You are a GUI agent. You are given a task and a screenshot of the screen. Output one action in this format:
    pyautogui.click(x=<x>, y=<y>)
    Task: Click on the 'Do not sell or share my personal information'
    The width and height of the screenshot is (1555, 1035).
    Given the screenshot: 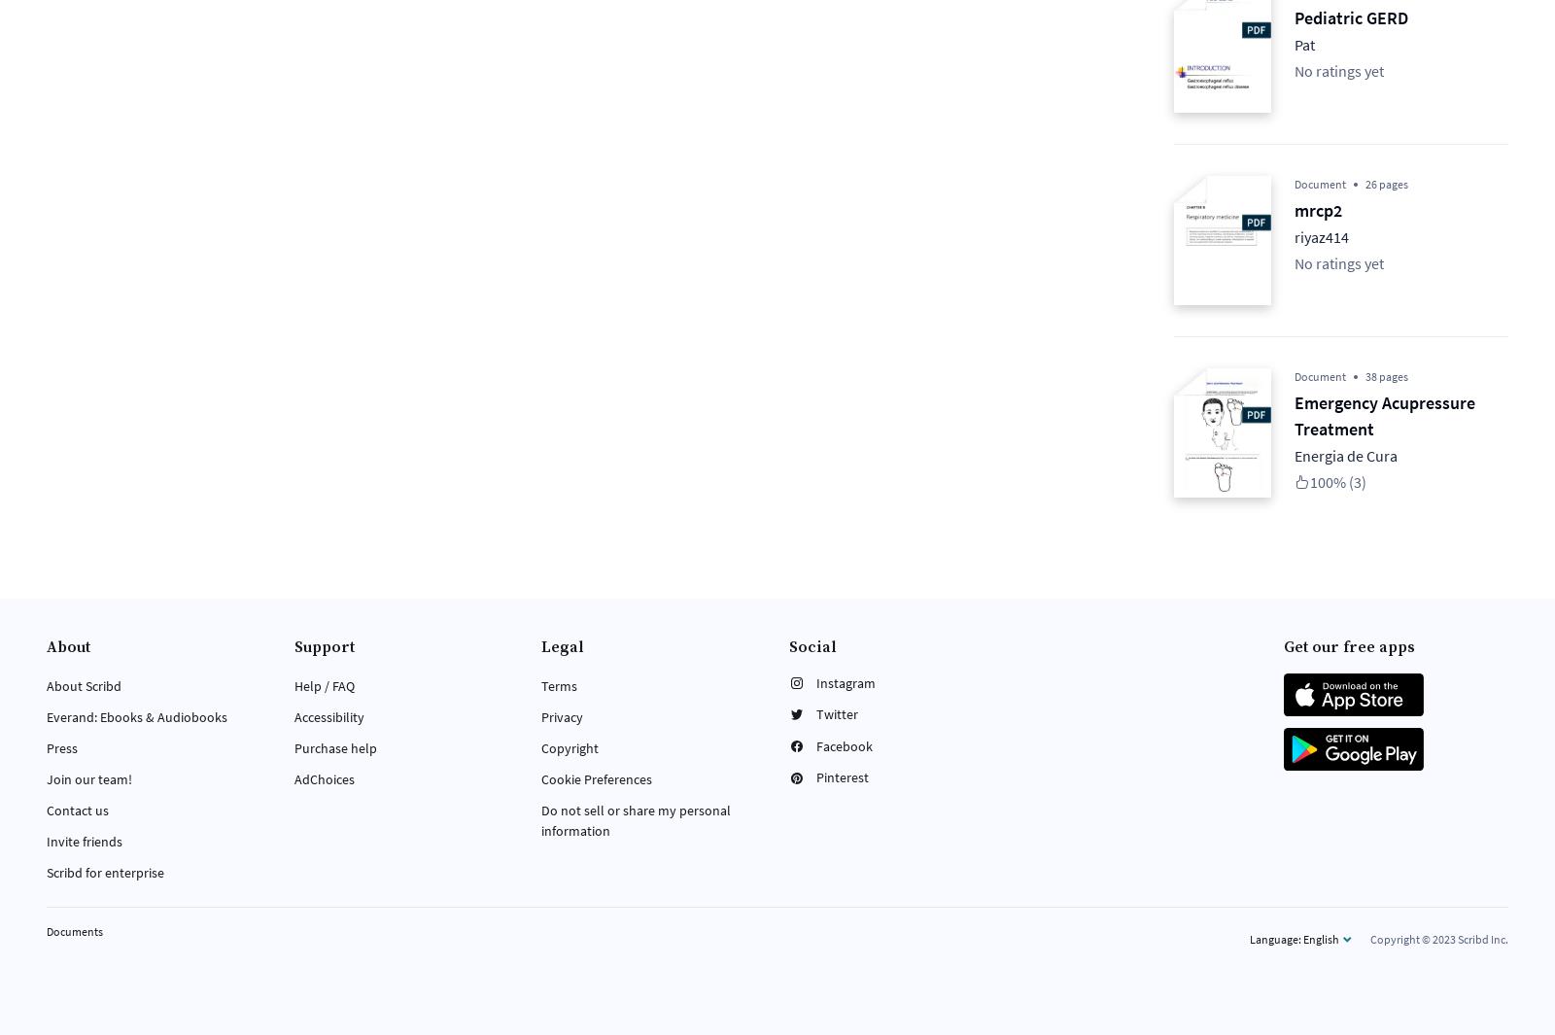 What is the action you would take?
    pyautogui.click(x=636, y=819)
    